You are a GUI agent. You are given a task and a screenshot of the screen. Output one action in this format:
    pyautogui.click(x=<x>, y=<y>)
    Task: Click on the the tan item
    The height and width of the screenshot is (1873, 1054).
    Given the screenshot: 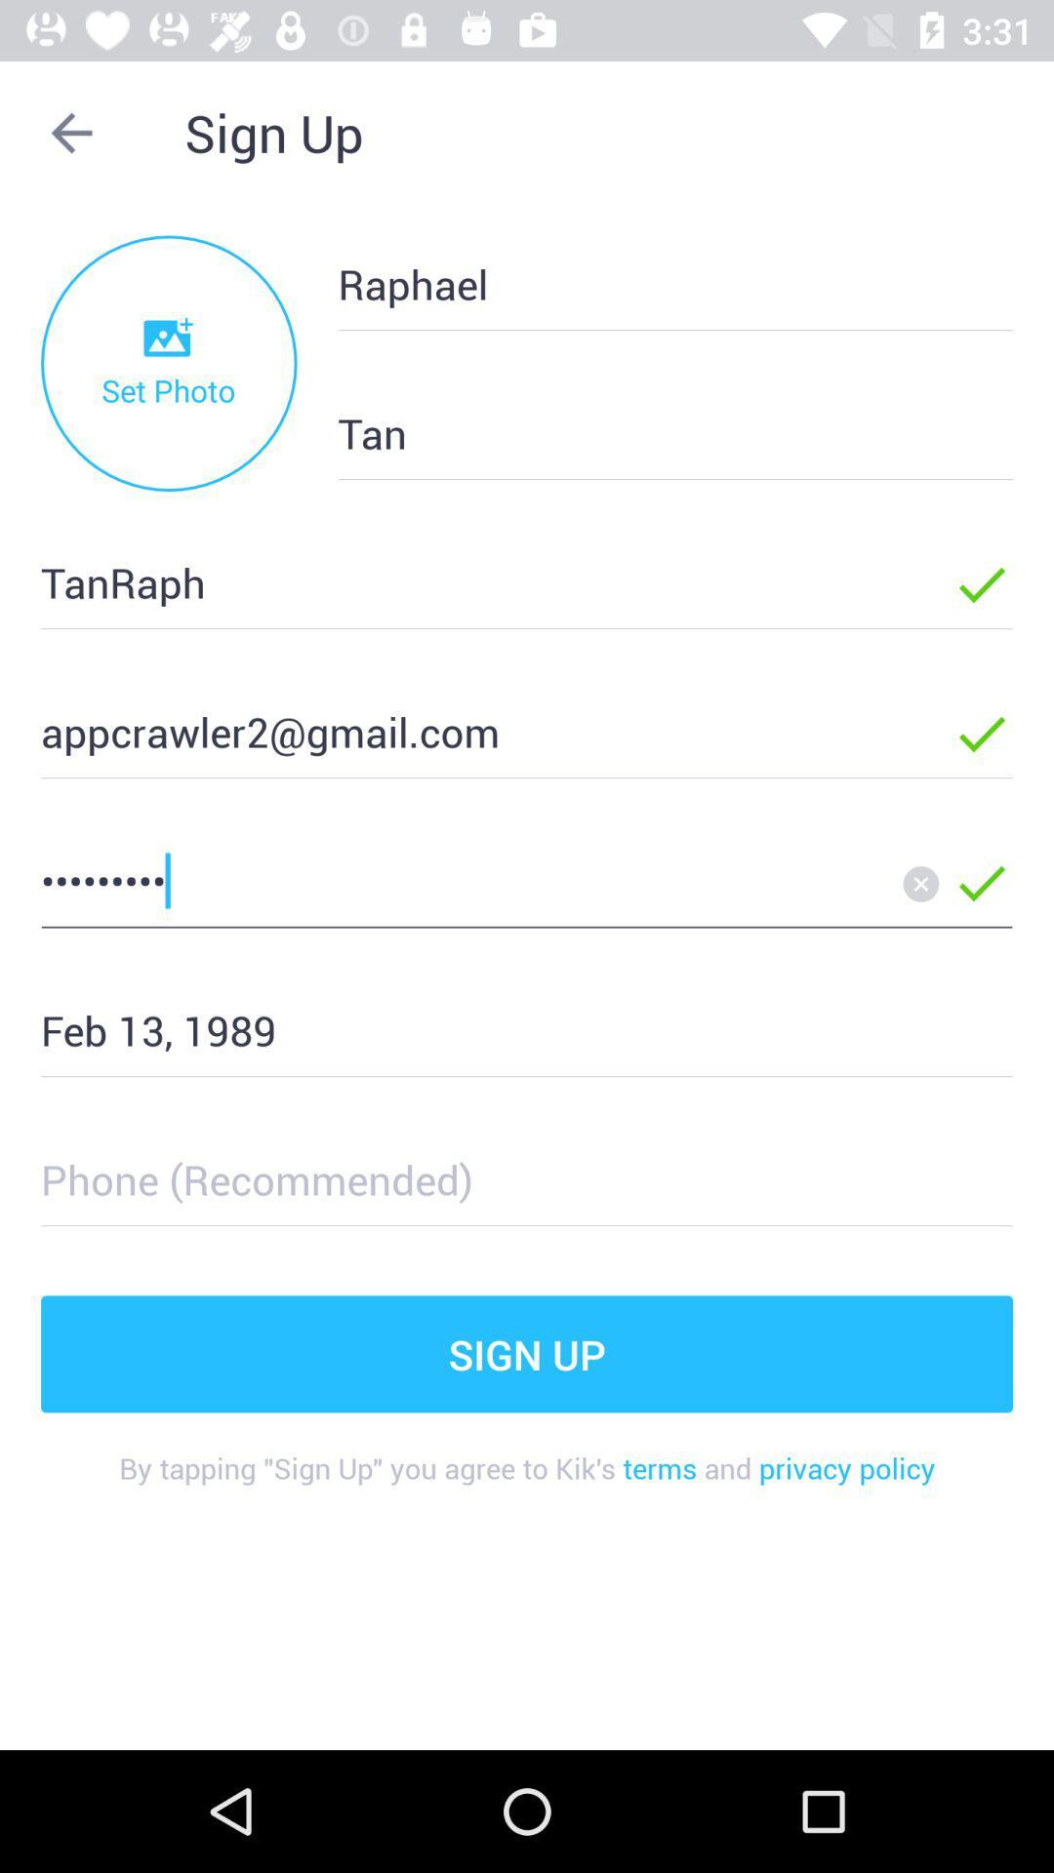 What is the action you would take?
    pyautogui.click(x=644, y=432)
    